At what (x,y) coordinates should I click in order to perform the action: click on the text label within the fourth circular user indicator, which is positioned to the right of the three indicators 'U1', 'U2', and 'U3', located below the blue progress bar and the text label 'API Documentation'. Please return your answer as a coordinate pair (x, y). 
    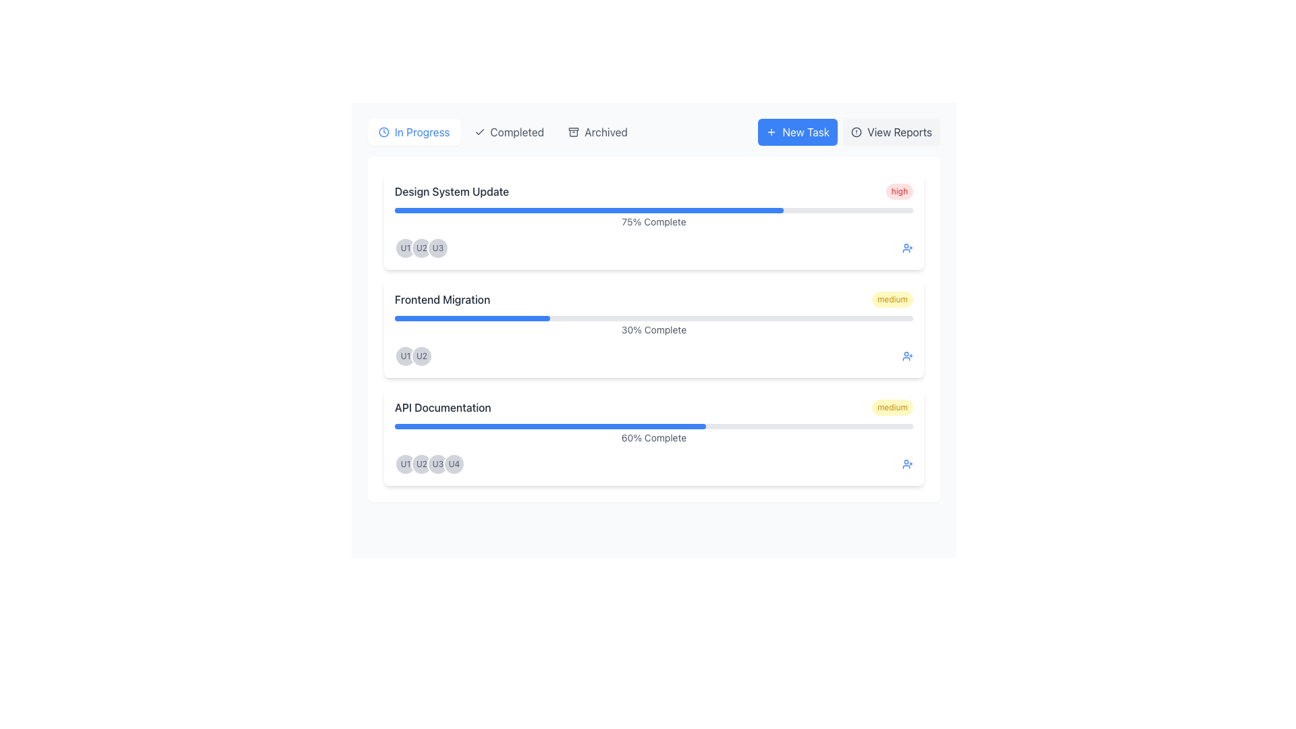
    Looking at the image, I should click on (454, 463).